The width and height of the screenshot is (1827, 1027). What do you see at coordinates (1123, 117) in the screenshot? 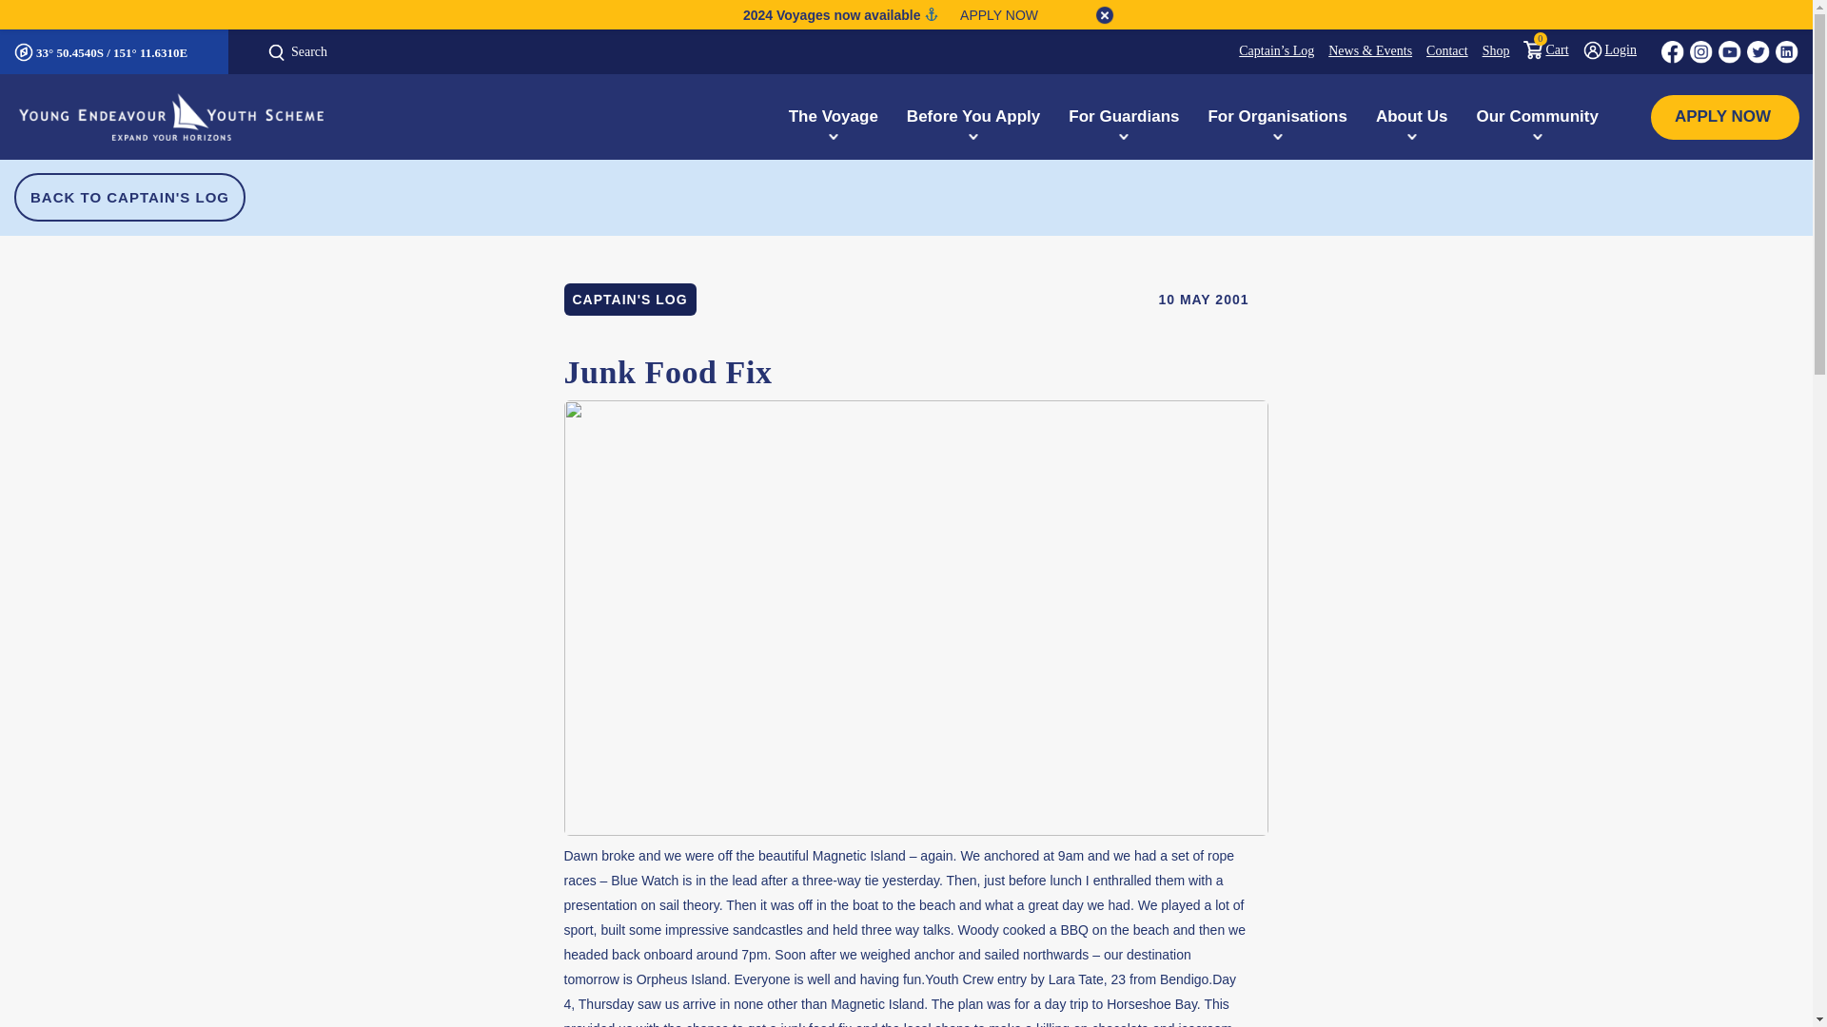
I see `'For Guardians'` at bounding box center [1123, 117].